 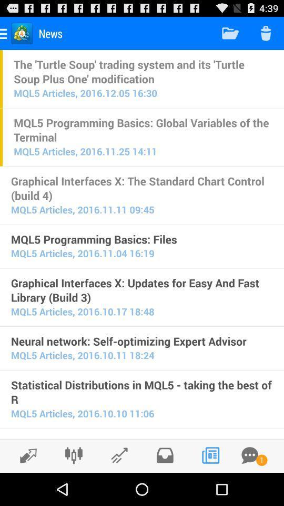 I want to click on the sliders icon, so click(x=73, y=487).